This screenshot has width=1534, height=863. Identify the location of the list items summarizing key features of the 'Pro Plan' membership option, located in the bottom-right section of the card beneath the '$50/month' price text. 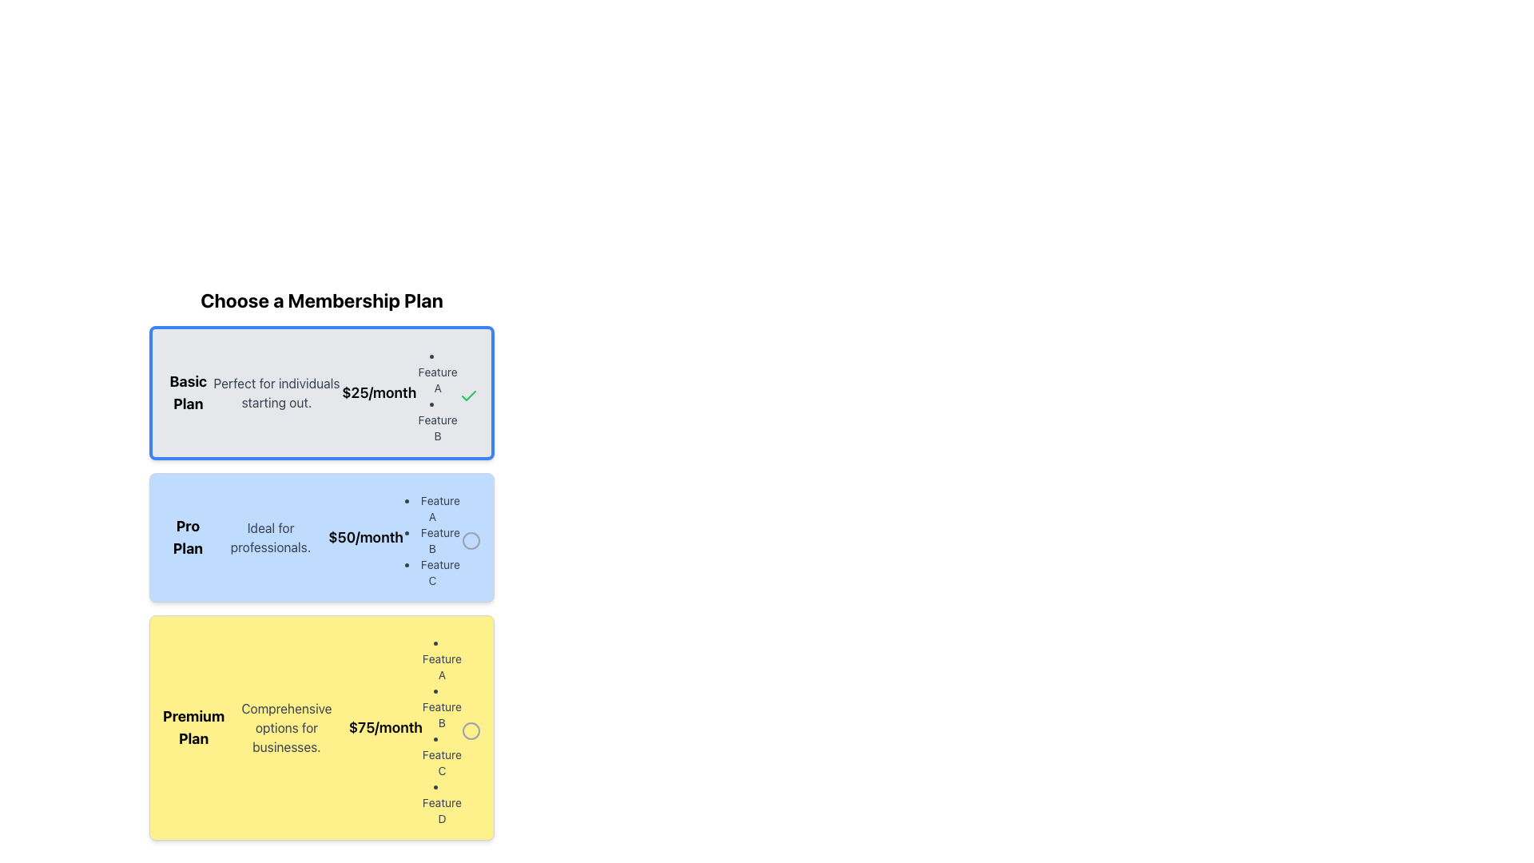
(432, 537).